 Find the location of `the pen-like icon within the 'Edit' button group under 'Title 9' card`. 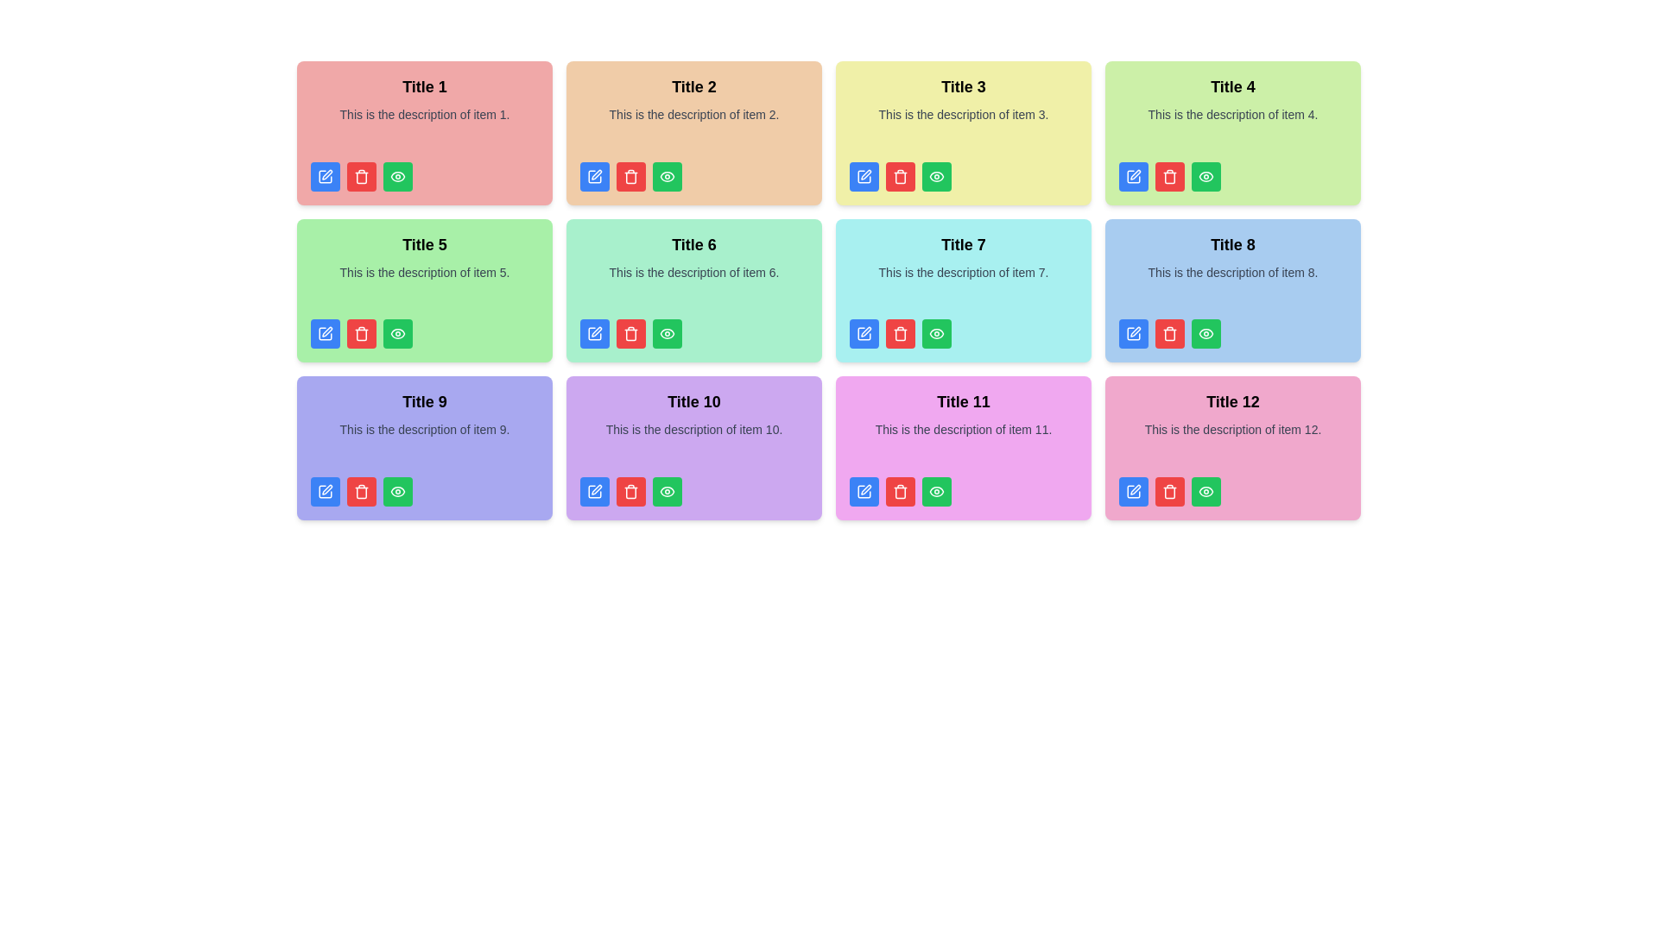

the pen-like icon within the 'Edit' button group under 'Title 9' card is located at coordinates (327, 489).